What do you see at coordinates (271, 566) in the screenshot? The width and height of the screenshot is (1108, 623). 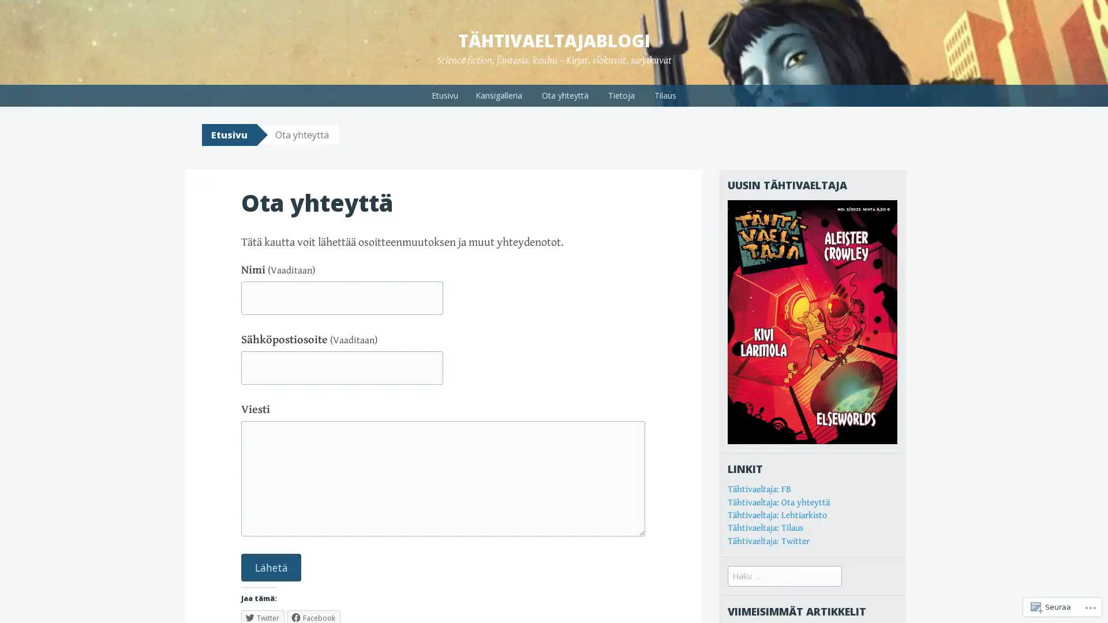 I see `Laheta` at bounding box center [271, 566].